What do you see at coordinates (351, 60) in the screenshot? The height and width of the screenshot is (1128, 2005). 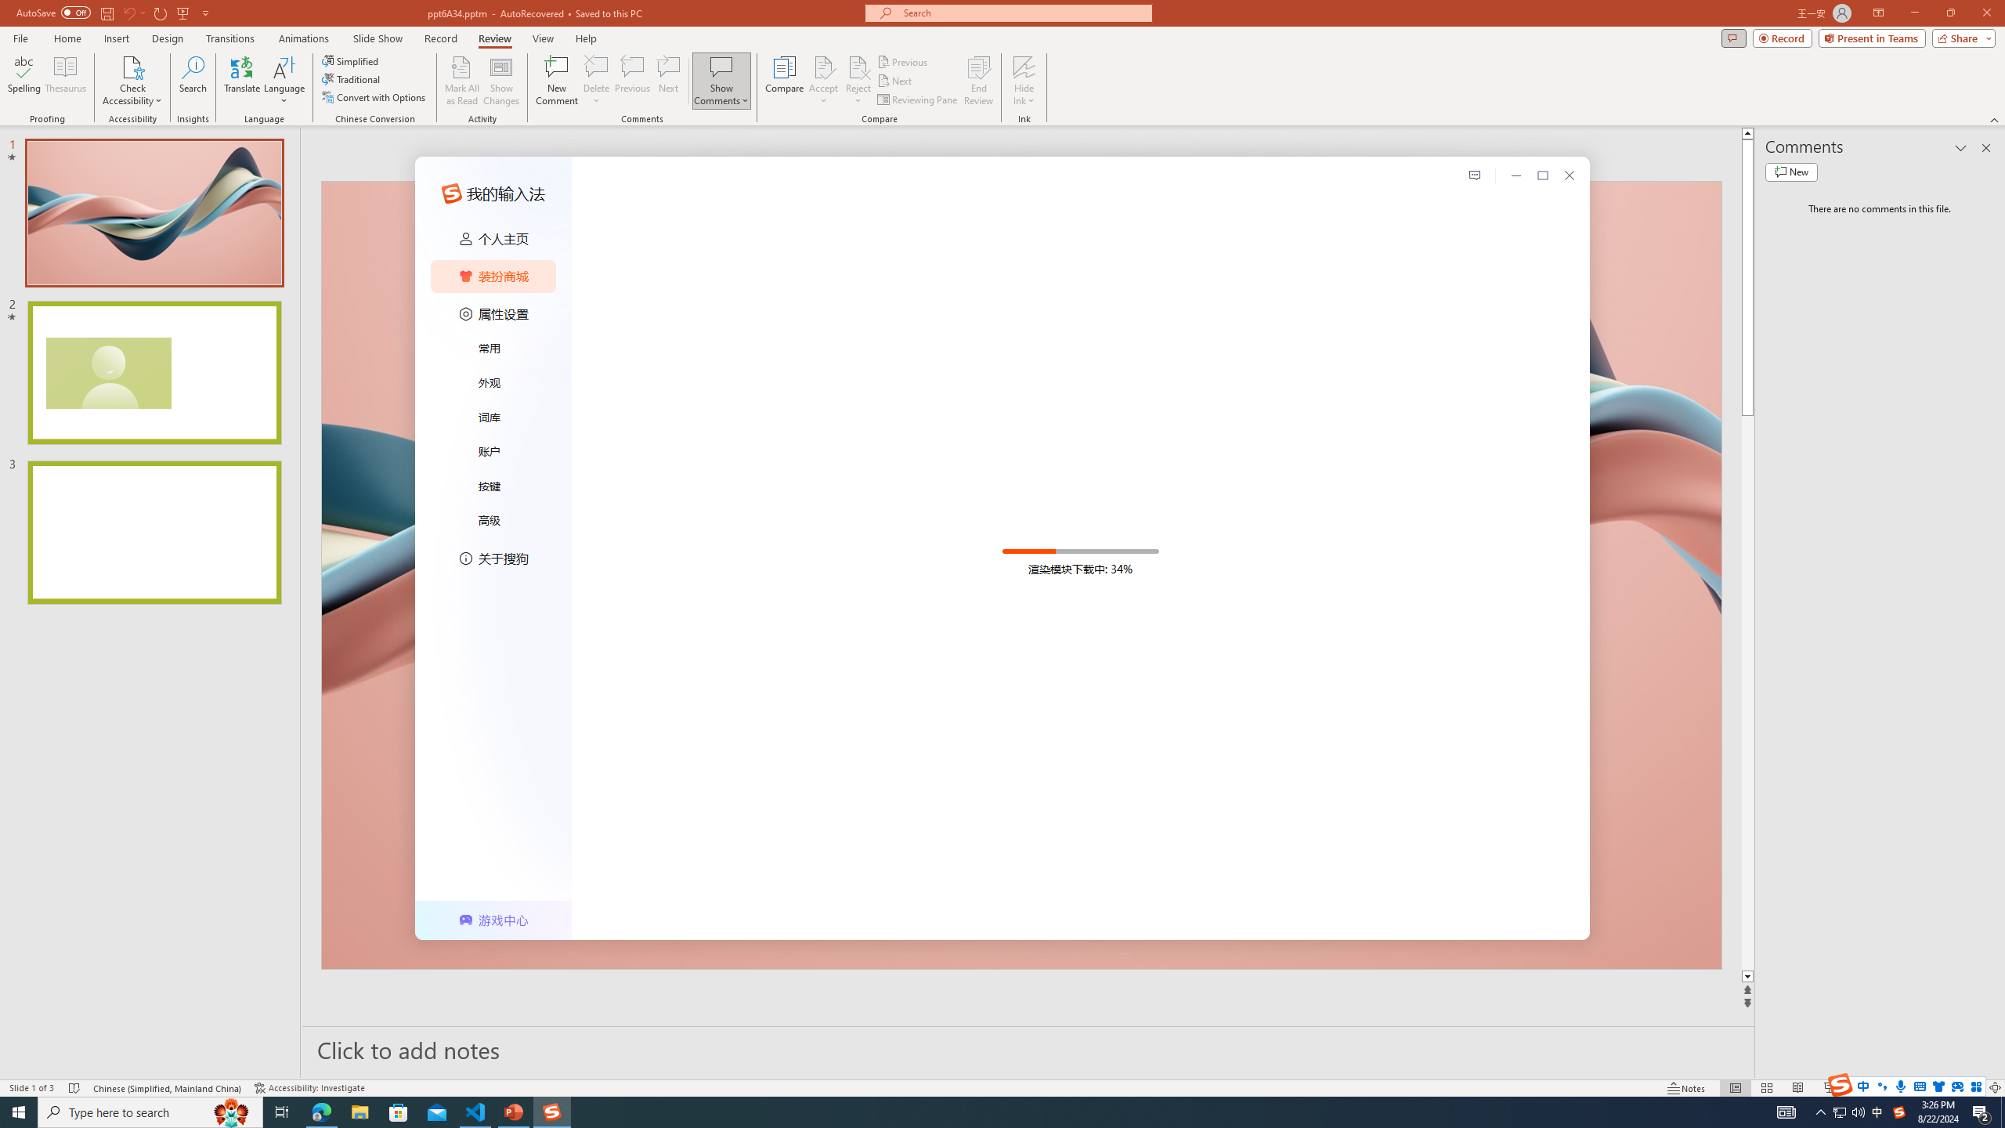 I see `'Simplified'` at bounding box center [351, 60].